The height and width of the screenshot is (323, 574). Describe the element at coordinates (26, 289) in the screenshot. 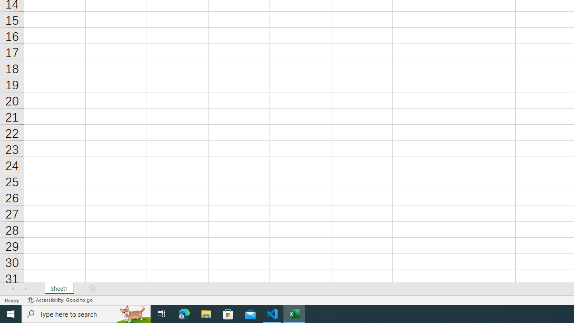

I see `'Scroll Right'` at that location.